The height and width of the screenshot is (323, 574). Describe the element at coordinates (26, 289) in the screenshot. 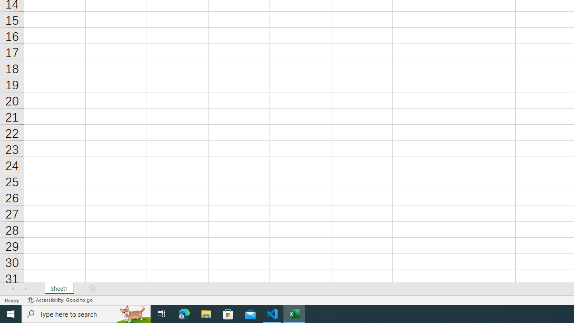

I see `'Scroll Right'` at that location.